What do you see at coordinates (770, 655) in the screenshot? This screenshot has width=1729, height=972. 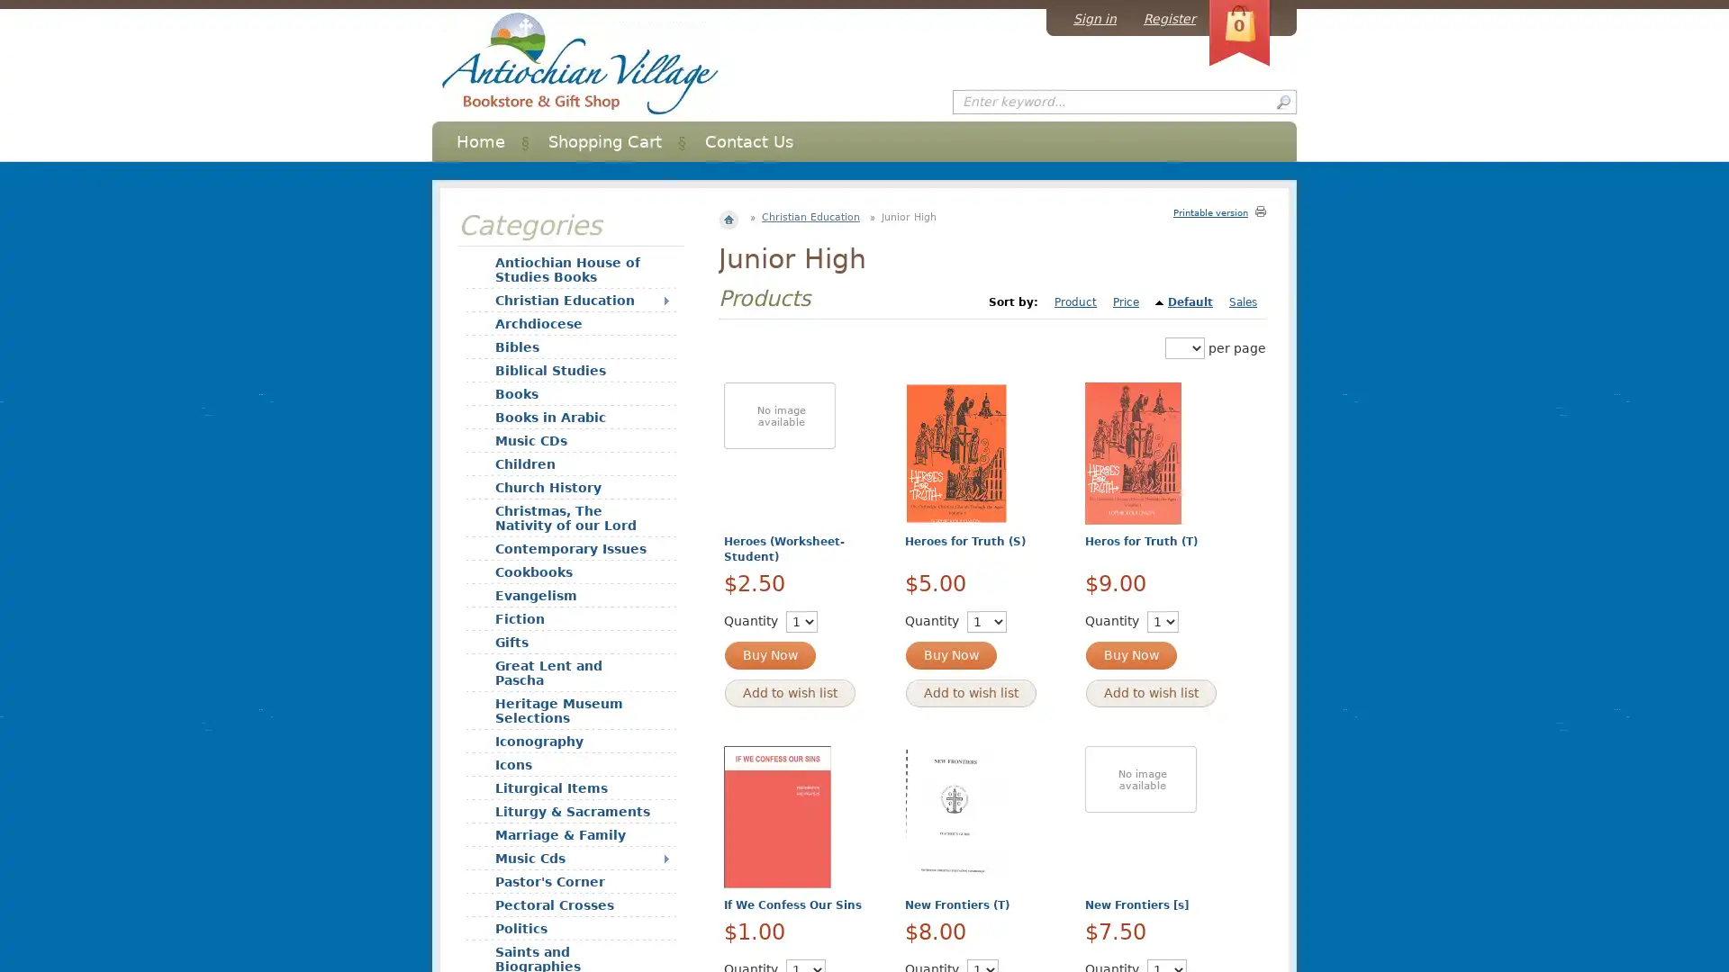 I see `Buy Now` at bounding box center [770, 655].